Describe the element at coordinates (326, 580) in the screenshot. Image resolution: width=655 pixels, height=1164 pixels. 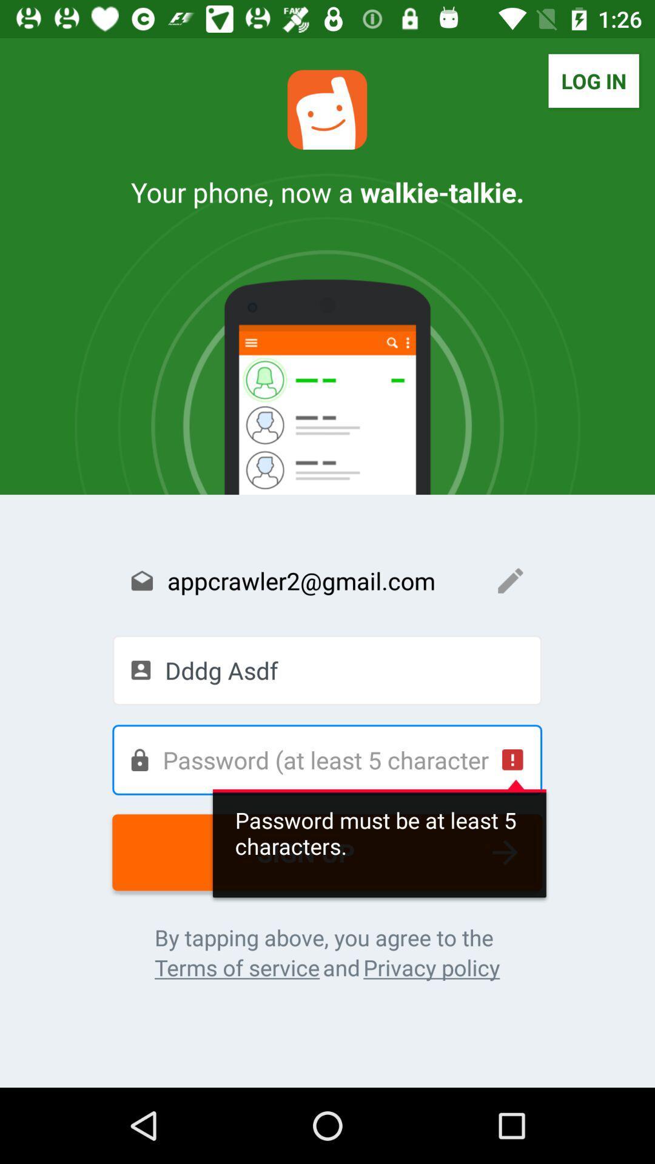
I see `appcrawler2@gmail.com item` at that location.